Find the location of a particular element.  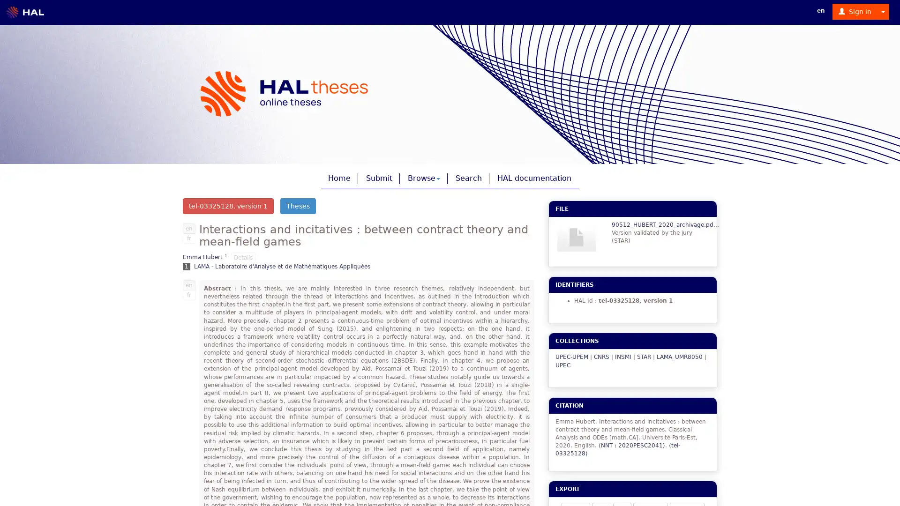

Details is located at coordinates (243, 257).